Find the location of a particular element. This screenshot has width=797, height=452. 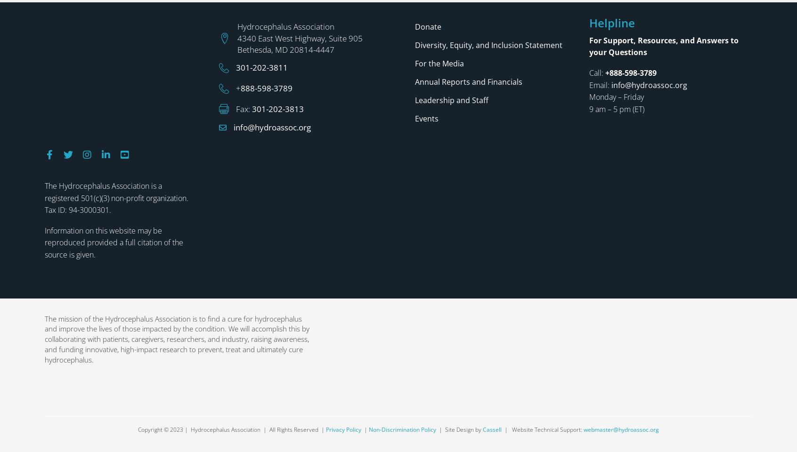

'The Hydrocephalus Association is a registered 501(c)(3) non-profit organization. Tax ID: 94-3000301.' is located at coordinates (116, 77).